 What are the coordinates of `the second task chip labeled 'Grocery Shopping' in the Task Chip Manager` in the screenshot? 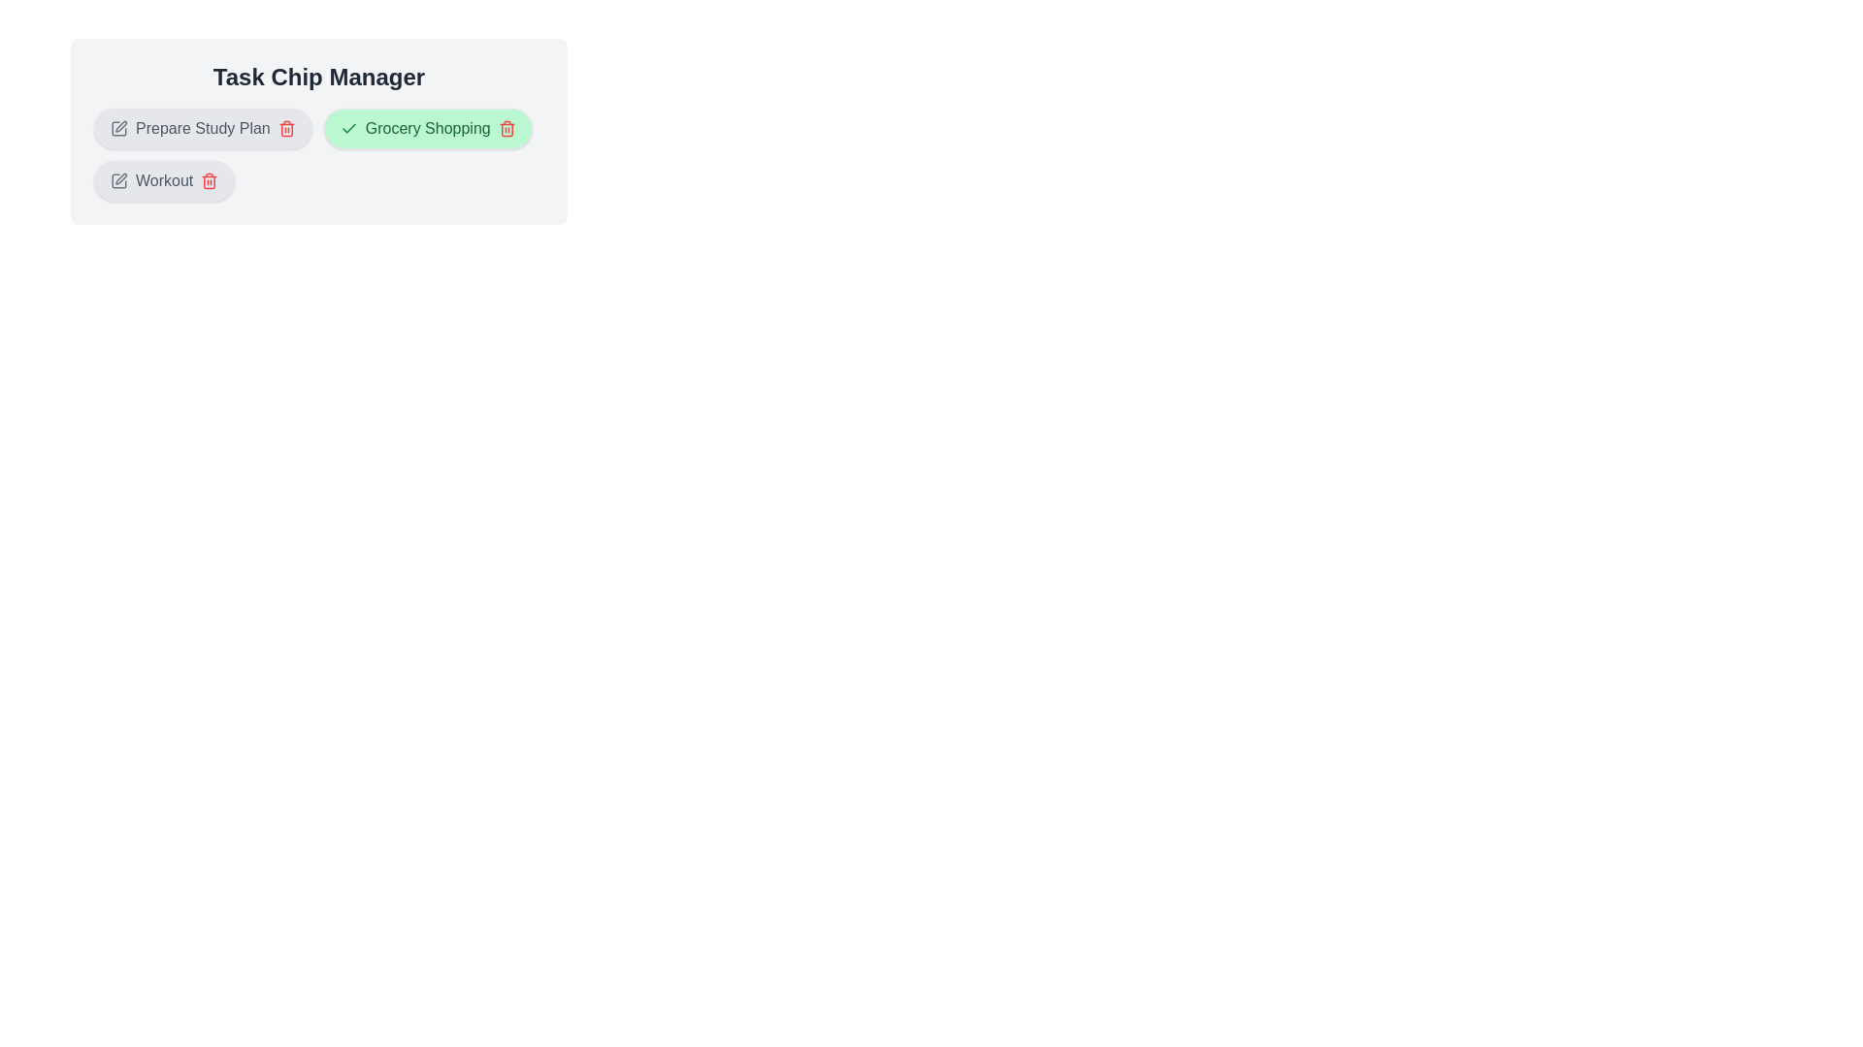 It's located at (427, 128).